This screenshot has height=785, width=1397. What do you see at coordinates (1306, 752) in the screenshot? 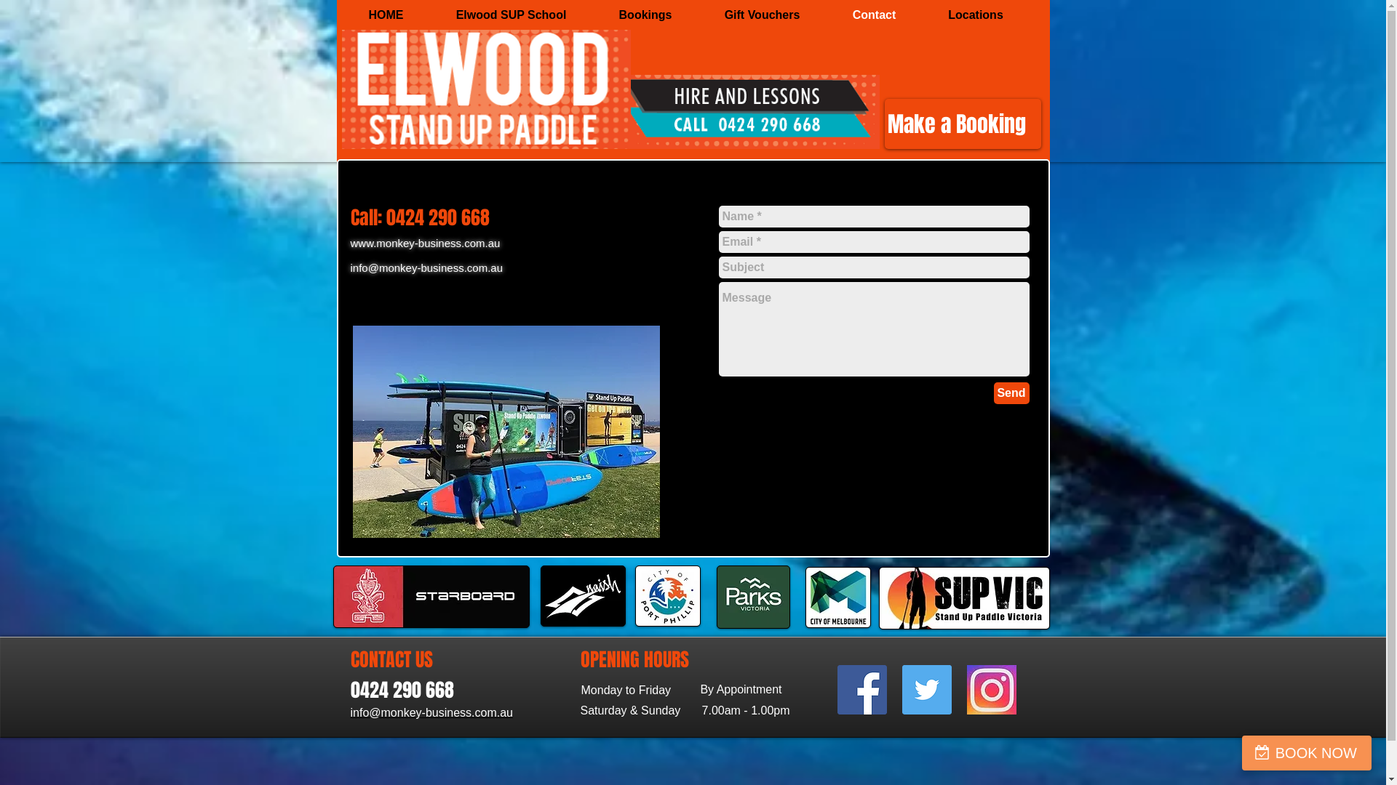
I see `'BOOK NOW'` at bounding box center [1306, 752].